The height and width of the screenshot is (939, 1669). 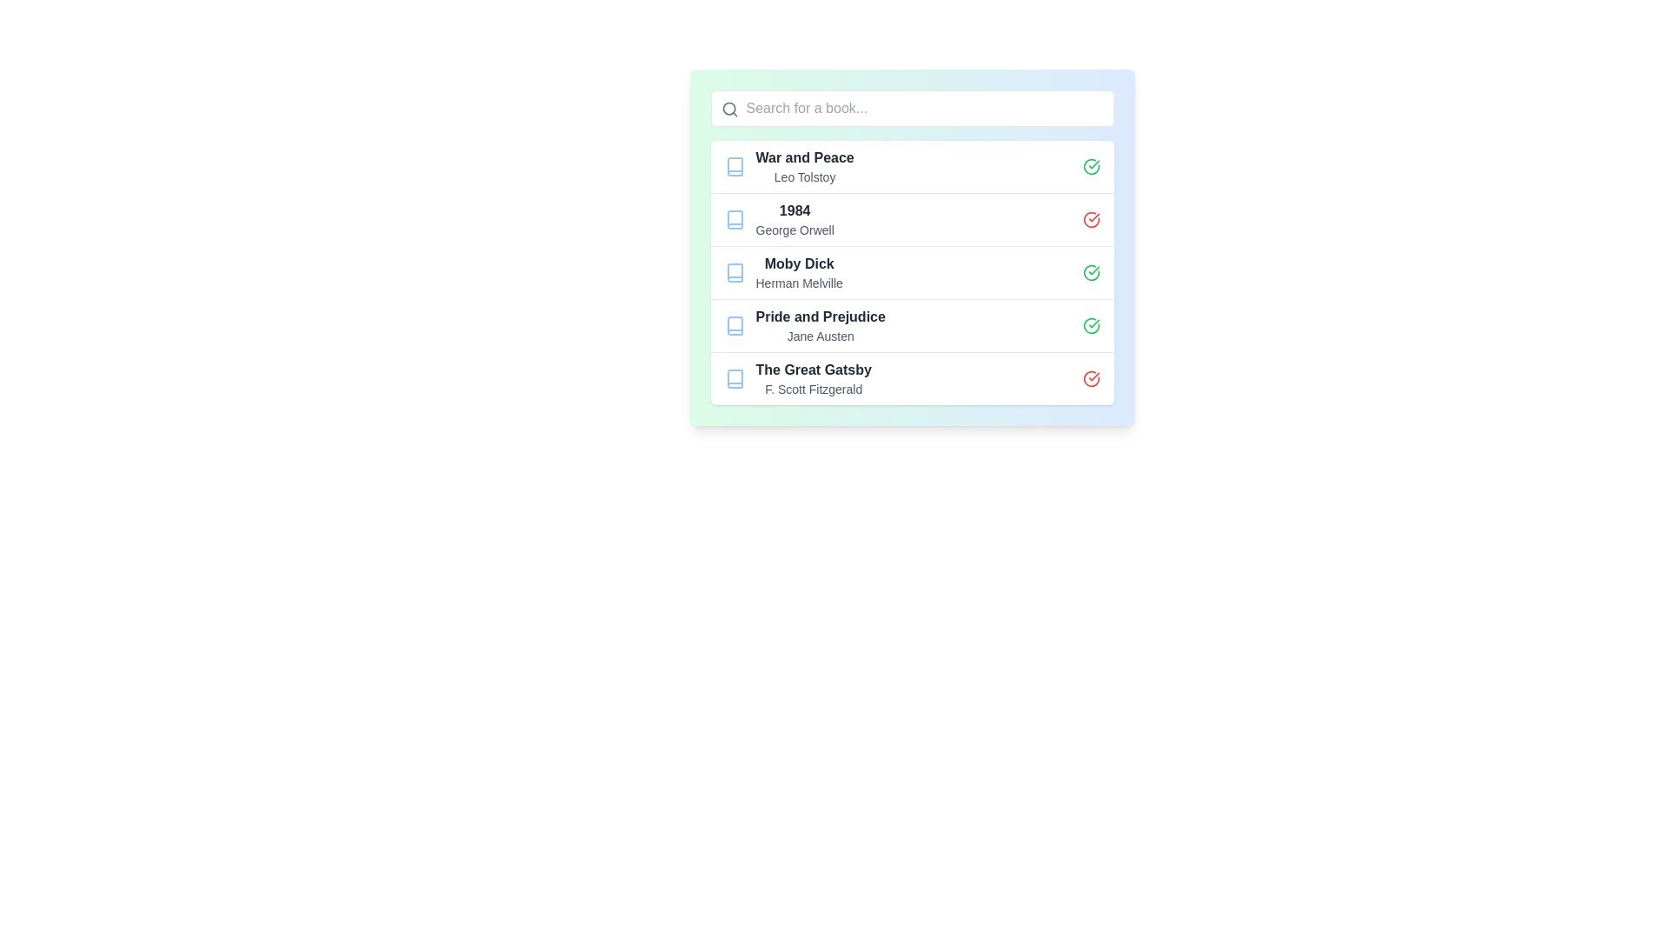 I want to click on text label providing the author's name located directly beneath the bold text 'War and Peace' in the first item of the vertical list, so click(x=804, y=177).